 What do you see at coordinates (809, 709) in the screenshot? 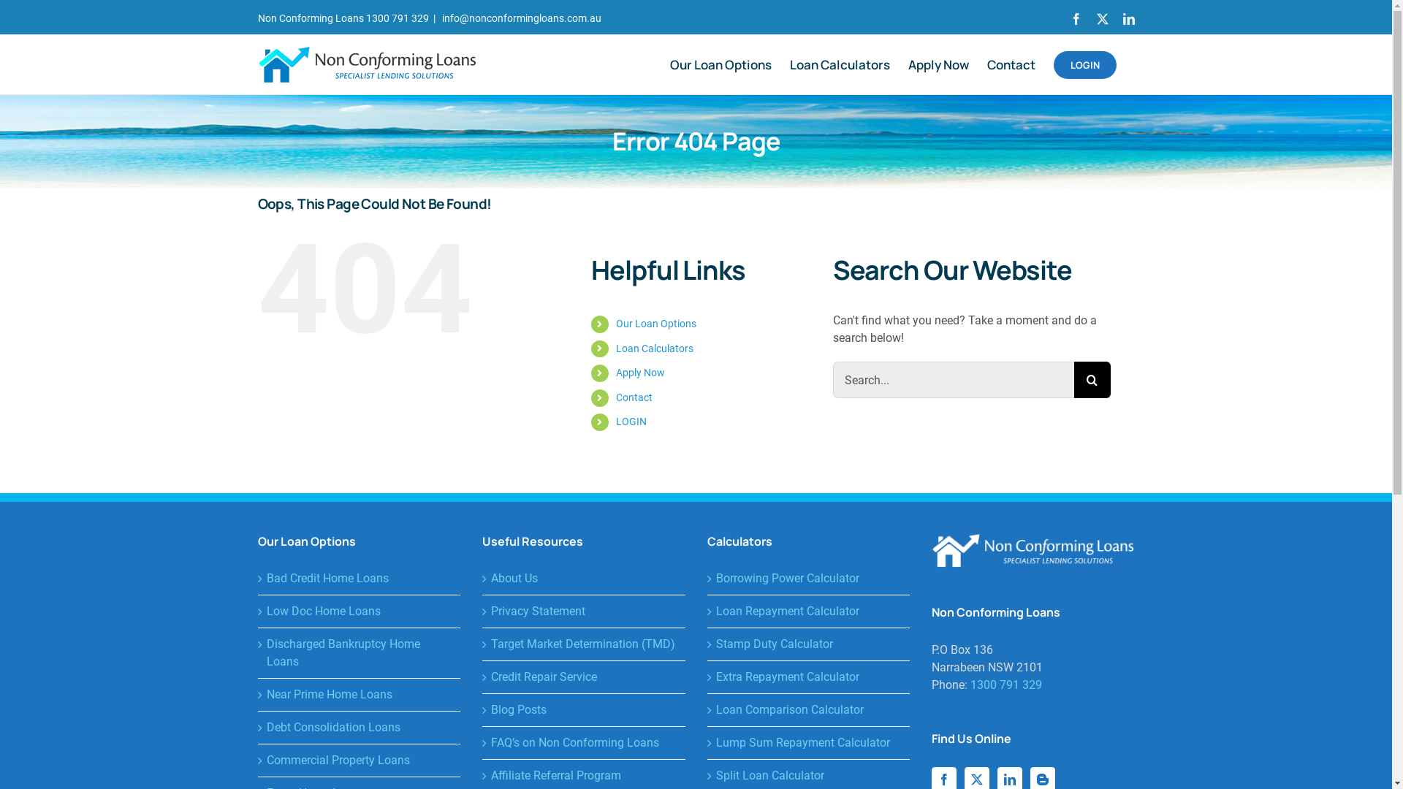
I see `'Loan Comparison Calculator'` at bounding box center [809, 709].